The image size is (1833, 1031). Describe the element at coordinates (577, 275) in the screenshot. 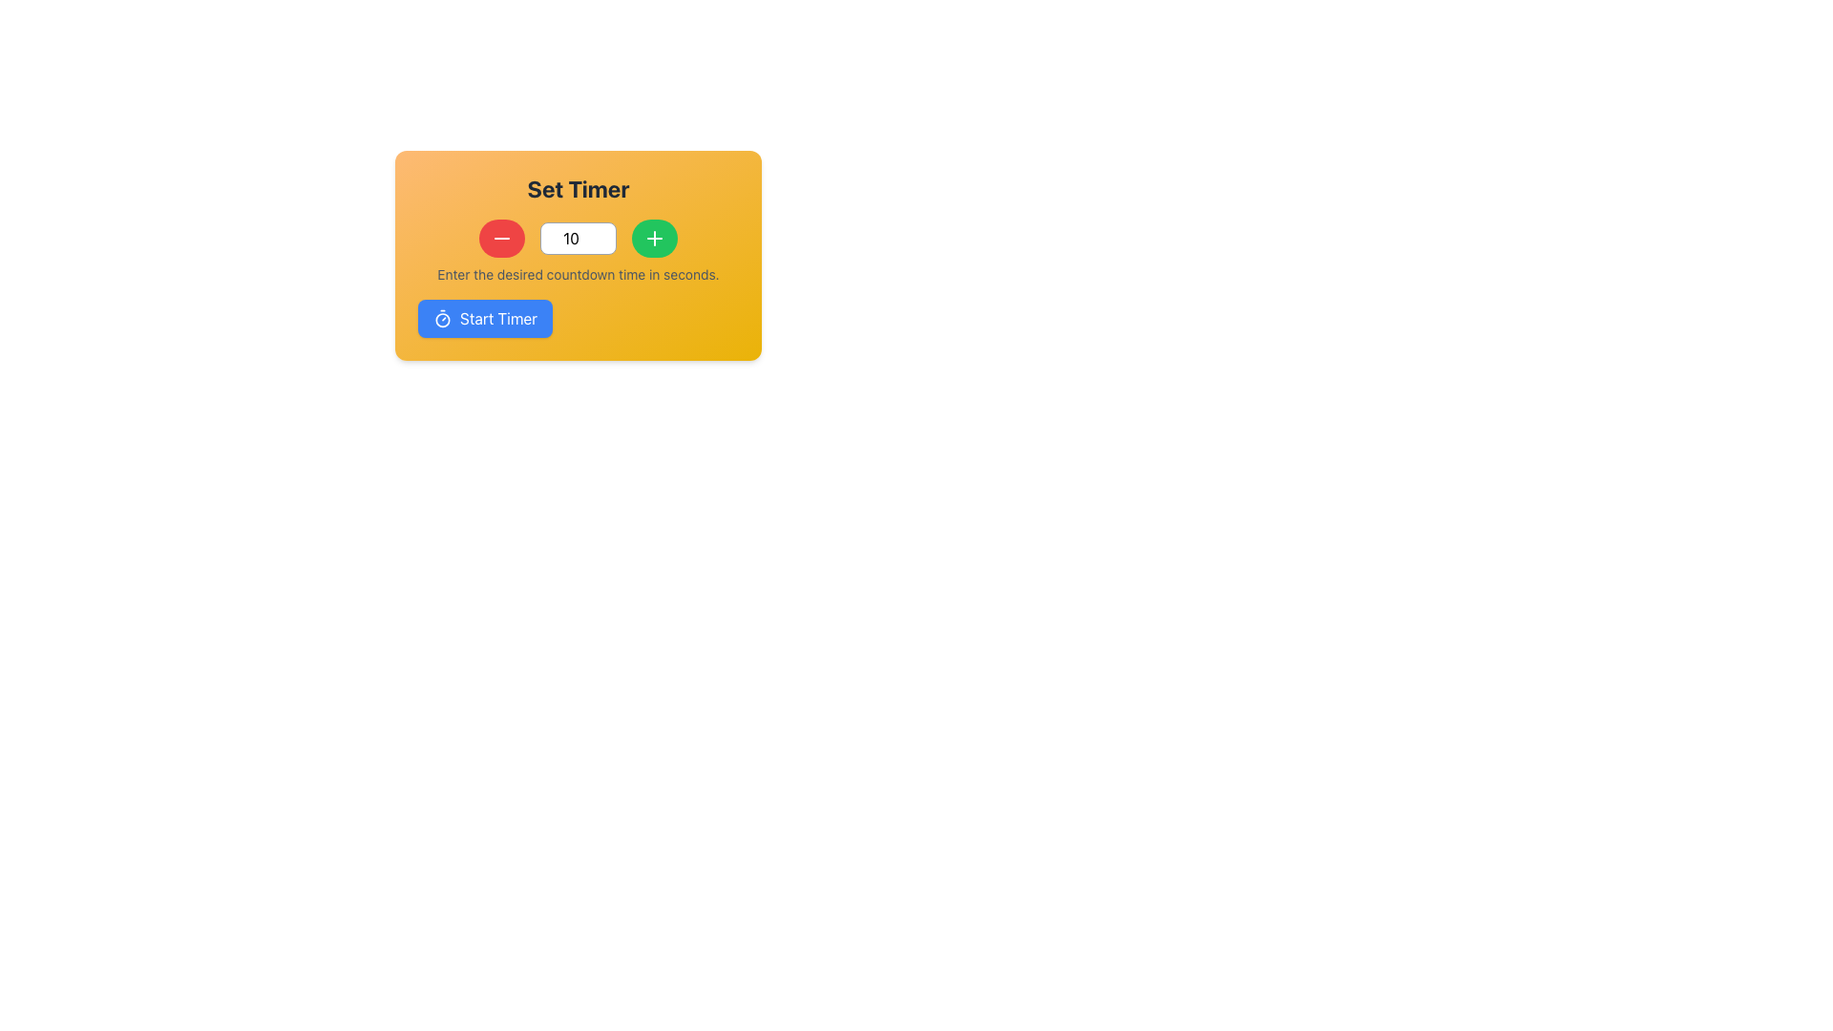

I see `the text label that reads 'Enter the desired countdown time in seconds' which is located within an orange-to-yellow gradient background card, positioned below the input field and above the blue 'Start Timer' button` at that location.